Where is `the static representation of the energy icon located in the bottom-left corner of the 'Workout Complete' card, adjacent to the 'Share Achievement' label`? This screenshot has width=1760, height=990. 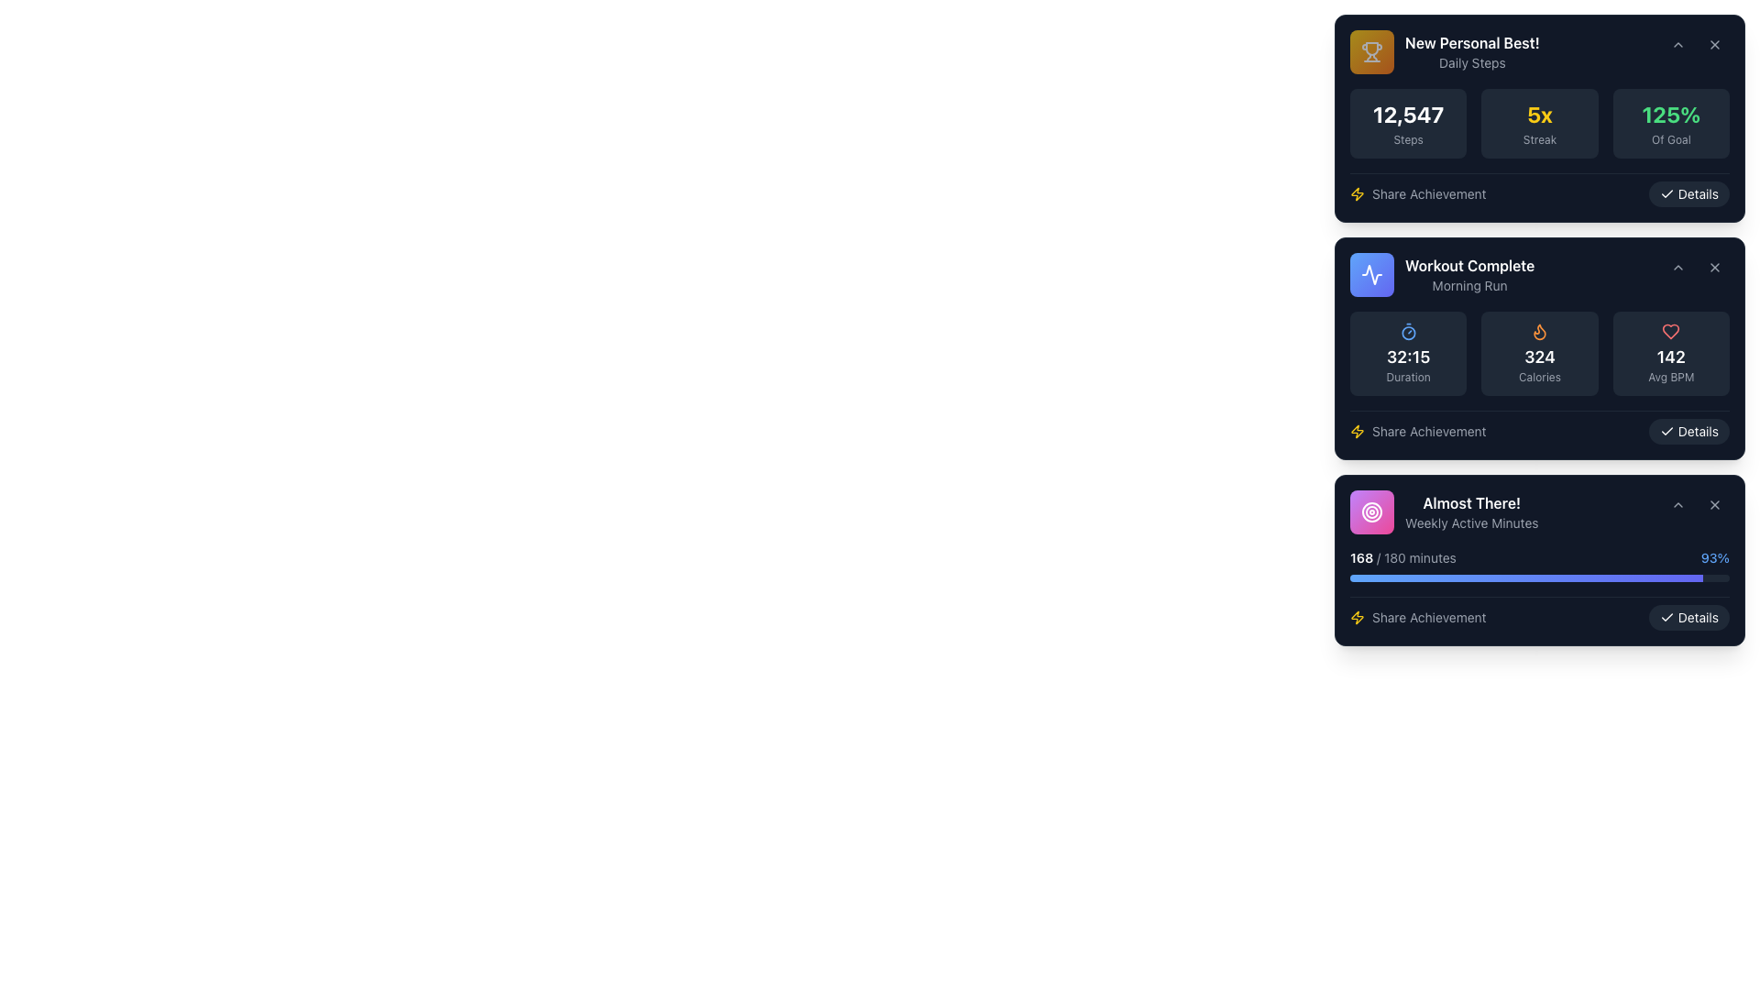
the static representation of the energy icon located in the bottom-left corner of the 'Workout Complete' card, adjacent to the 'Share Achievement' label is located at coordinates (1358, 194).